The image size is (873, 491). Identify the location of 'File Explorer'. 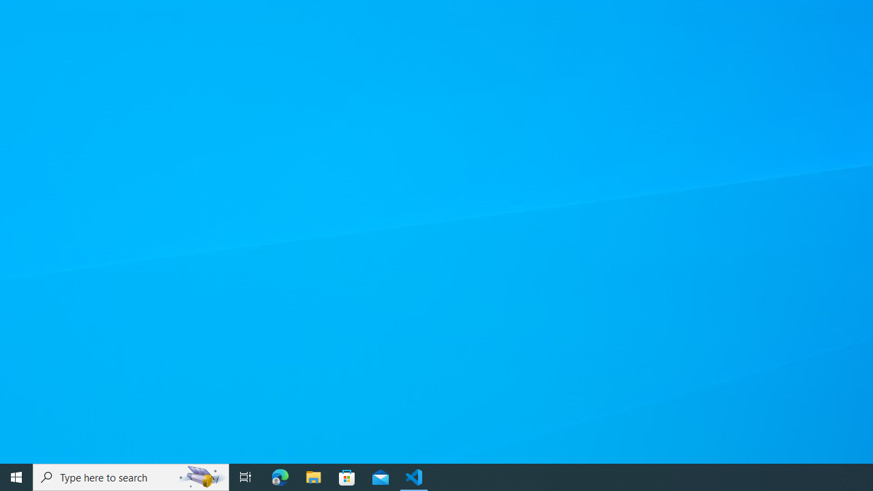
(313, 476).